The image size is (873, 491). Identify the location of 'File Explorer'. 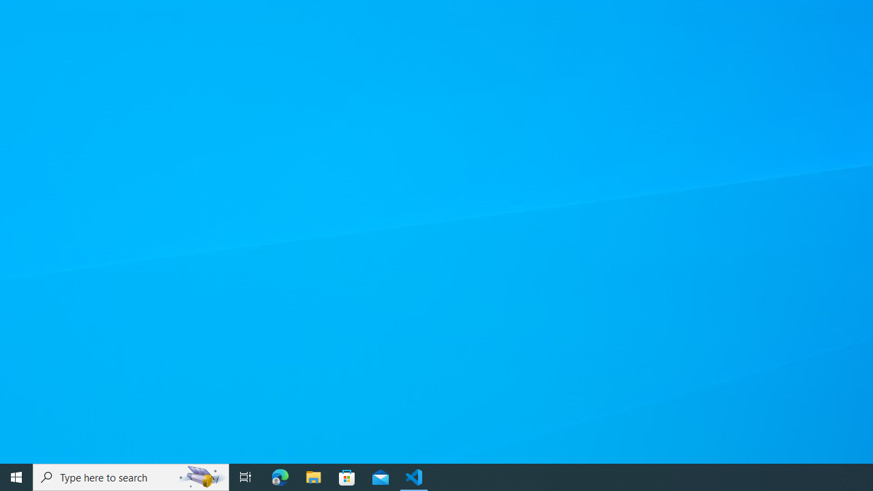
(313, 476).